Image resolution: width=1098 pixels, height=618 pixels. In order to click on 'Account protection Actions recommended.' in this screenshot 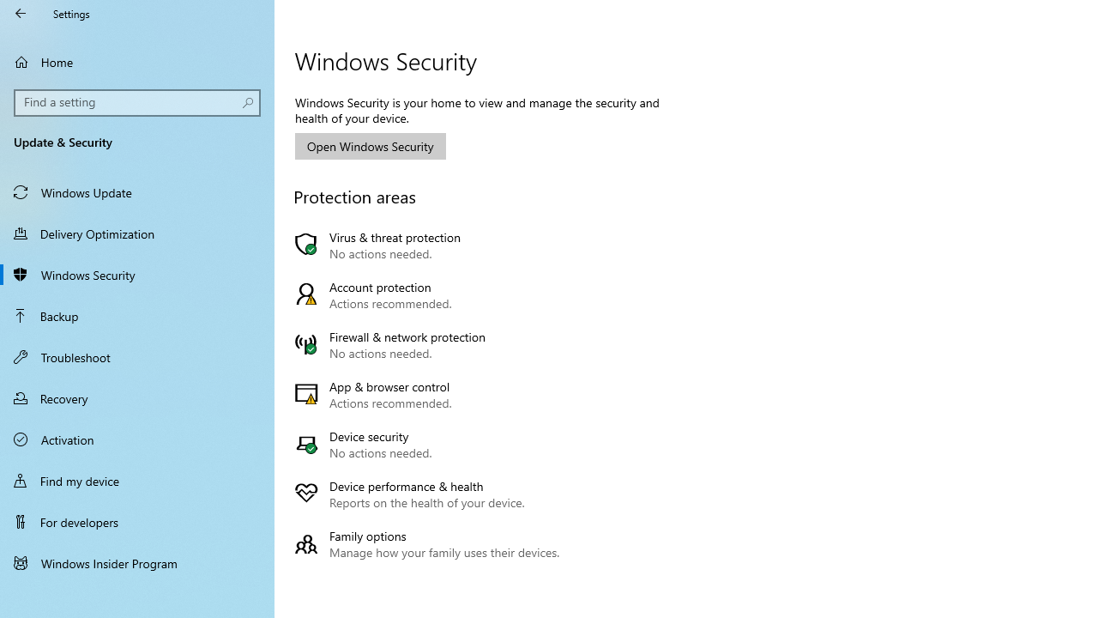, I will do `click(431, 294)`.